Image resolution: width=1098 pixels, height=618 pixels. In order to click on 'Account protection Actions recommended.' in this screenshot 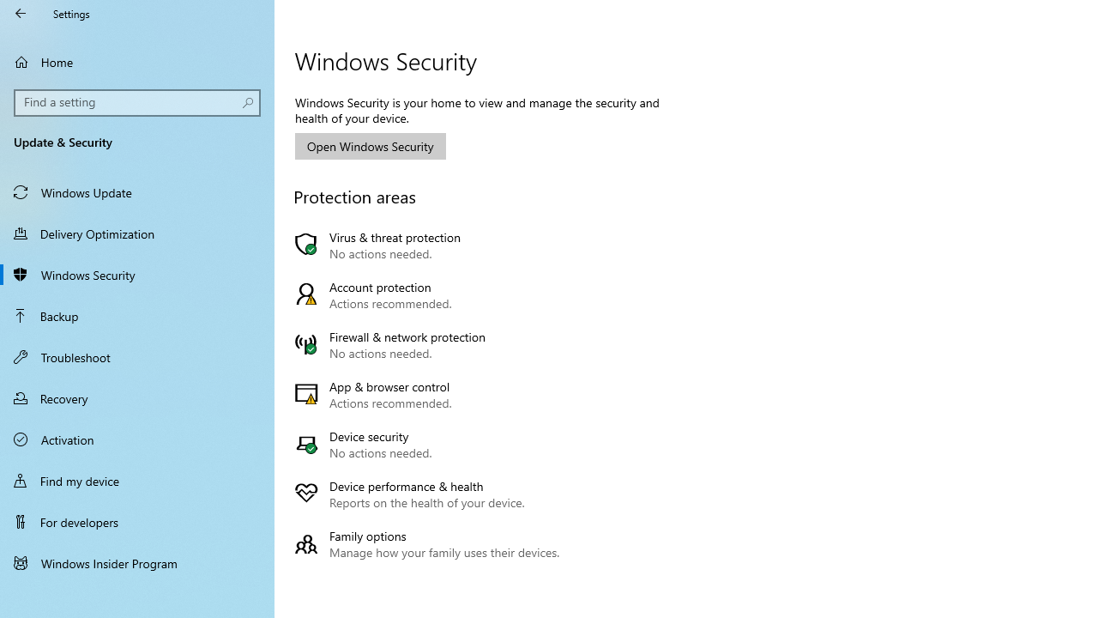, I will do `click(431, 294)`.